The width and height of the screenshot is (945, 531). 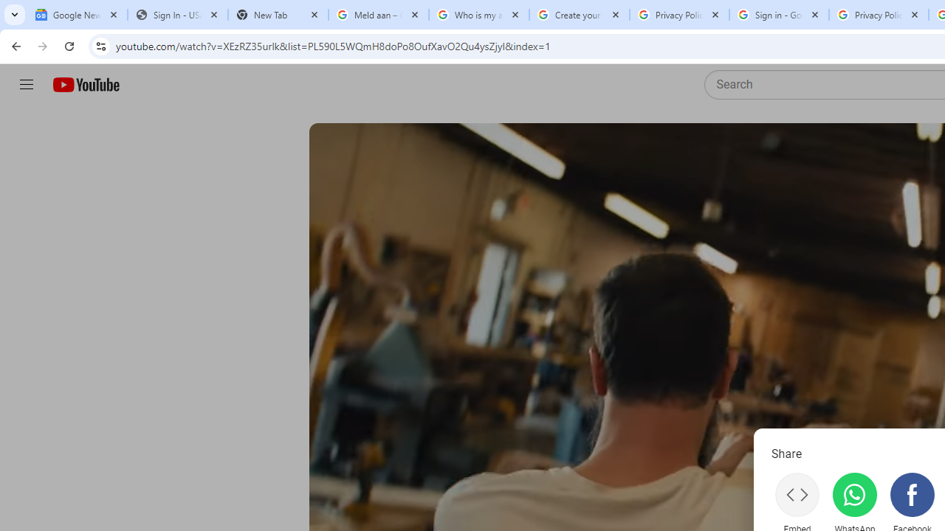 I want to click on 'Who is my administrator? - Google Account Help', so click(x=478, y=15).